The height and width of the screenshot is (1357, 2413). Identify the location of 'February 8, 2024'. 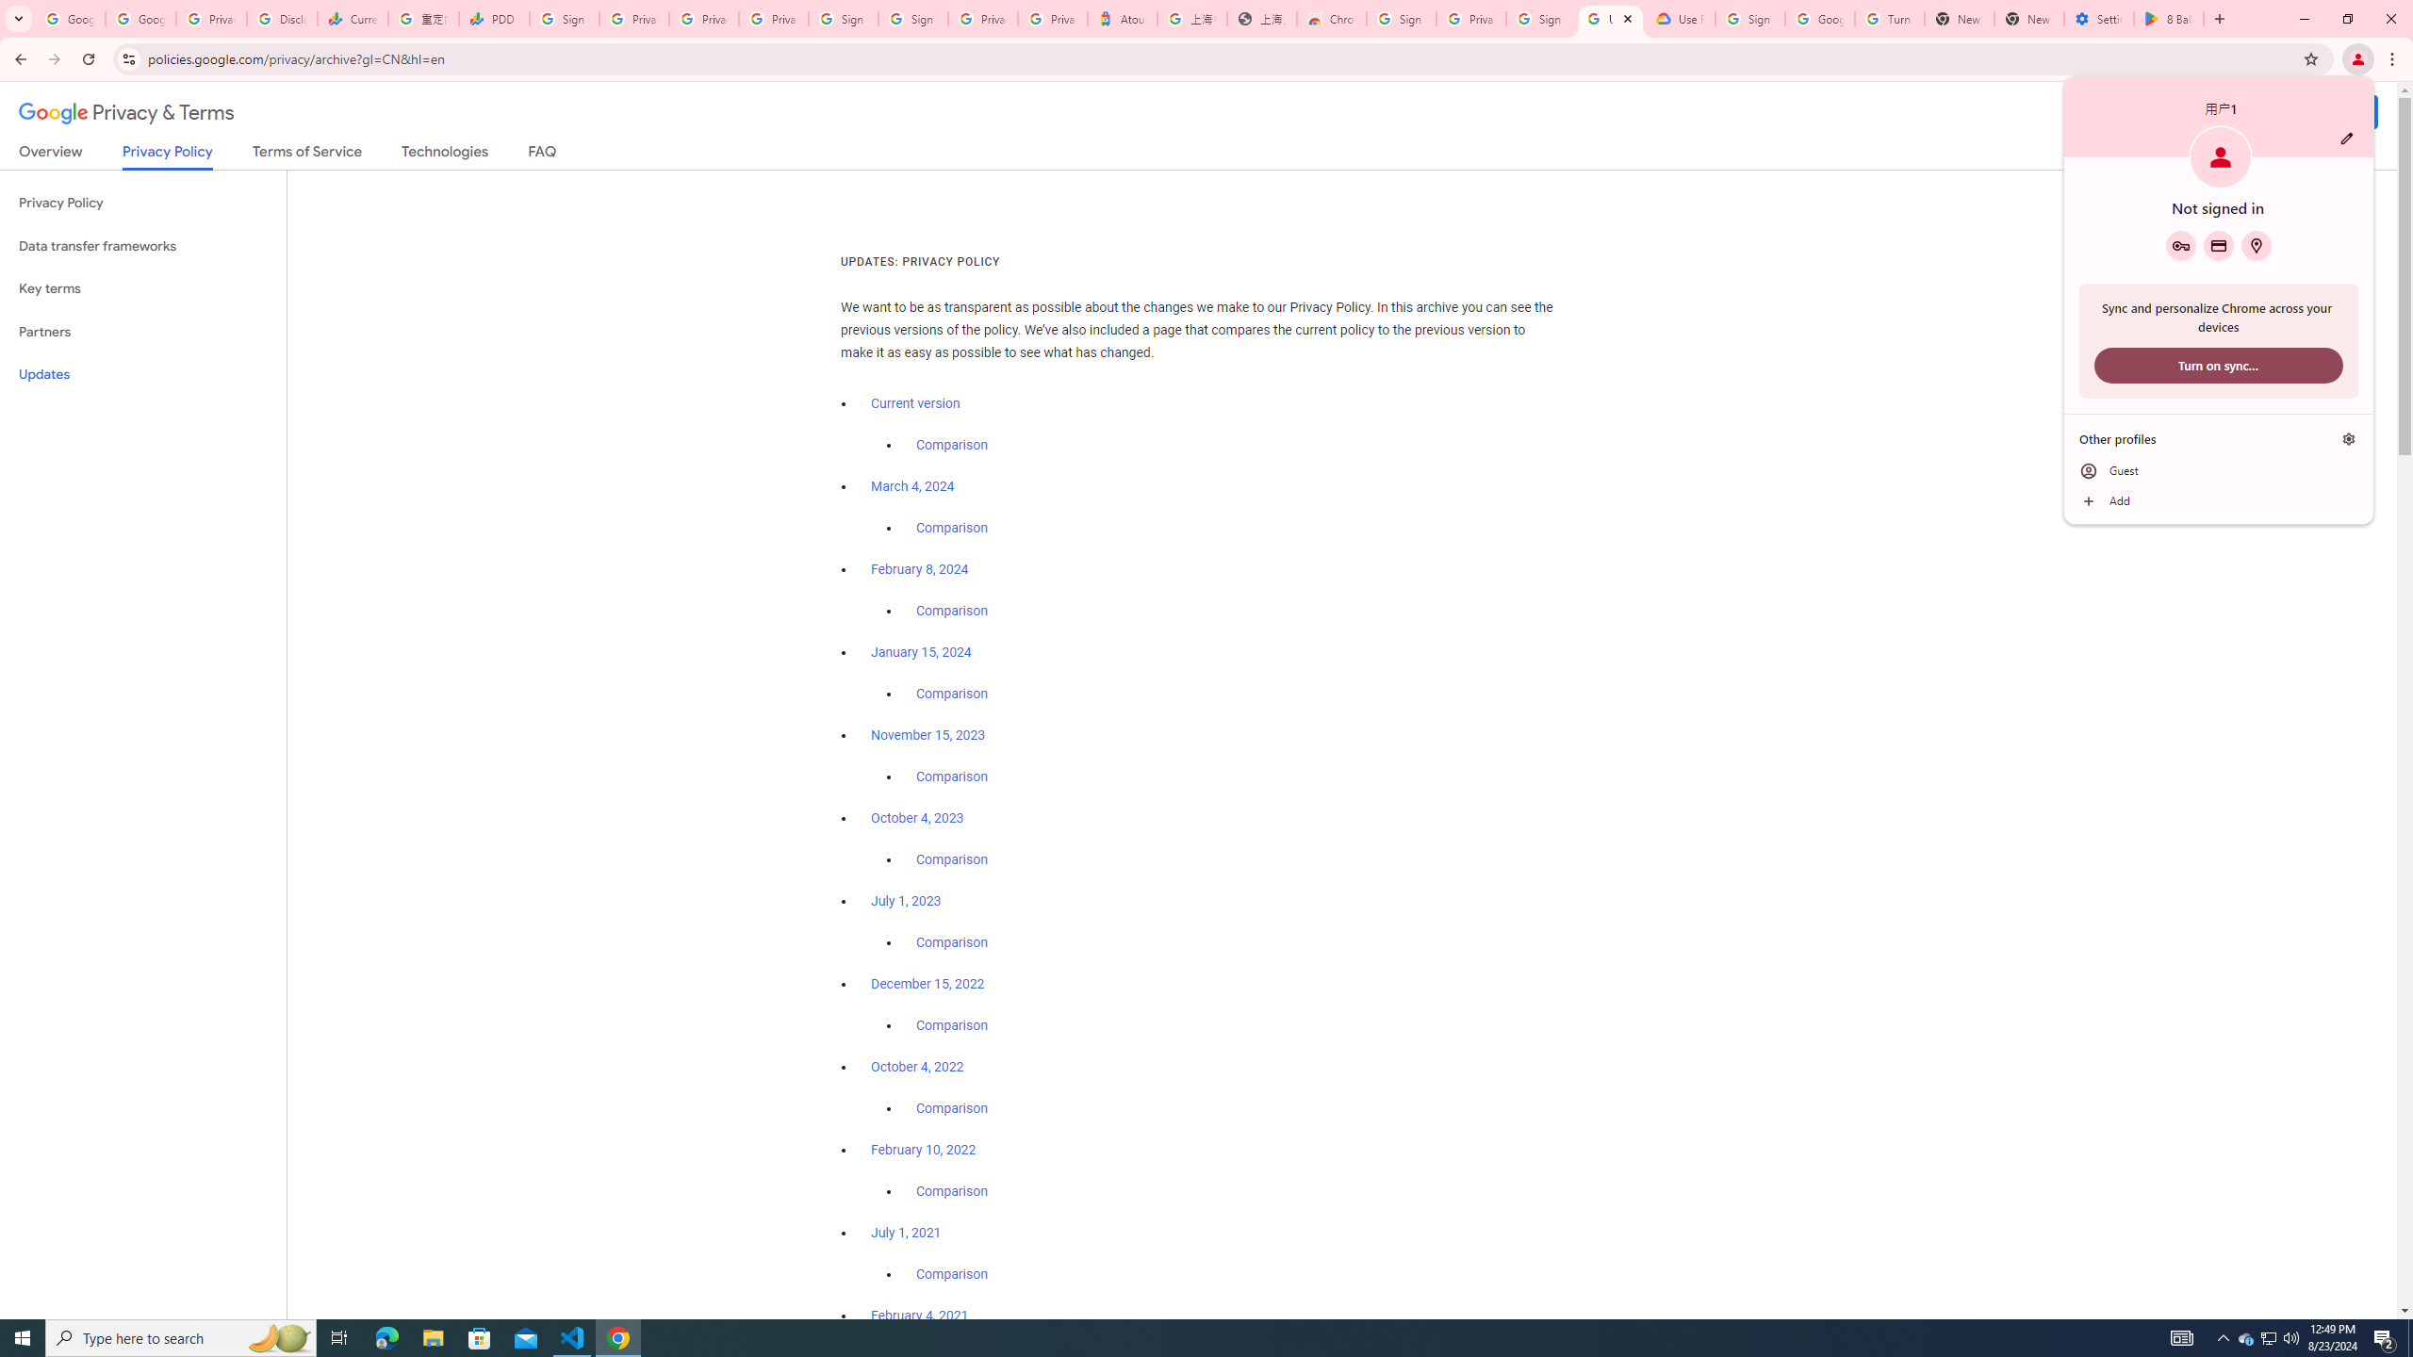
(919, 569).